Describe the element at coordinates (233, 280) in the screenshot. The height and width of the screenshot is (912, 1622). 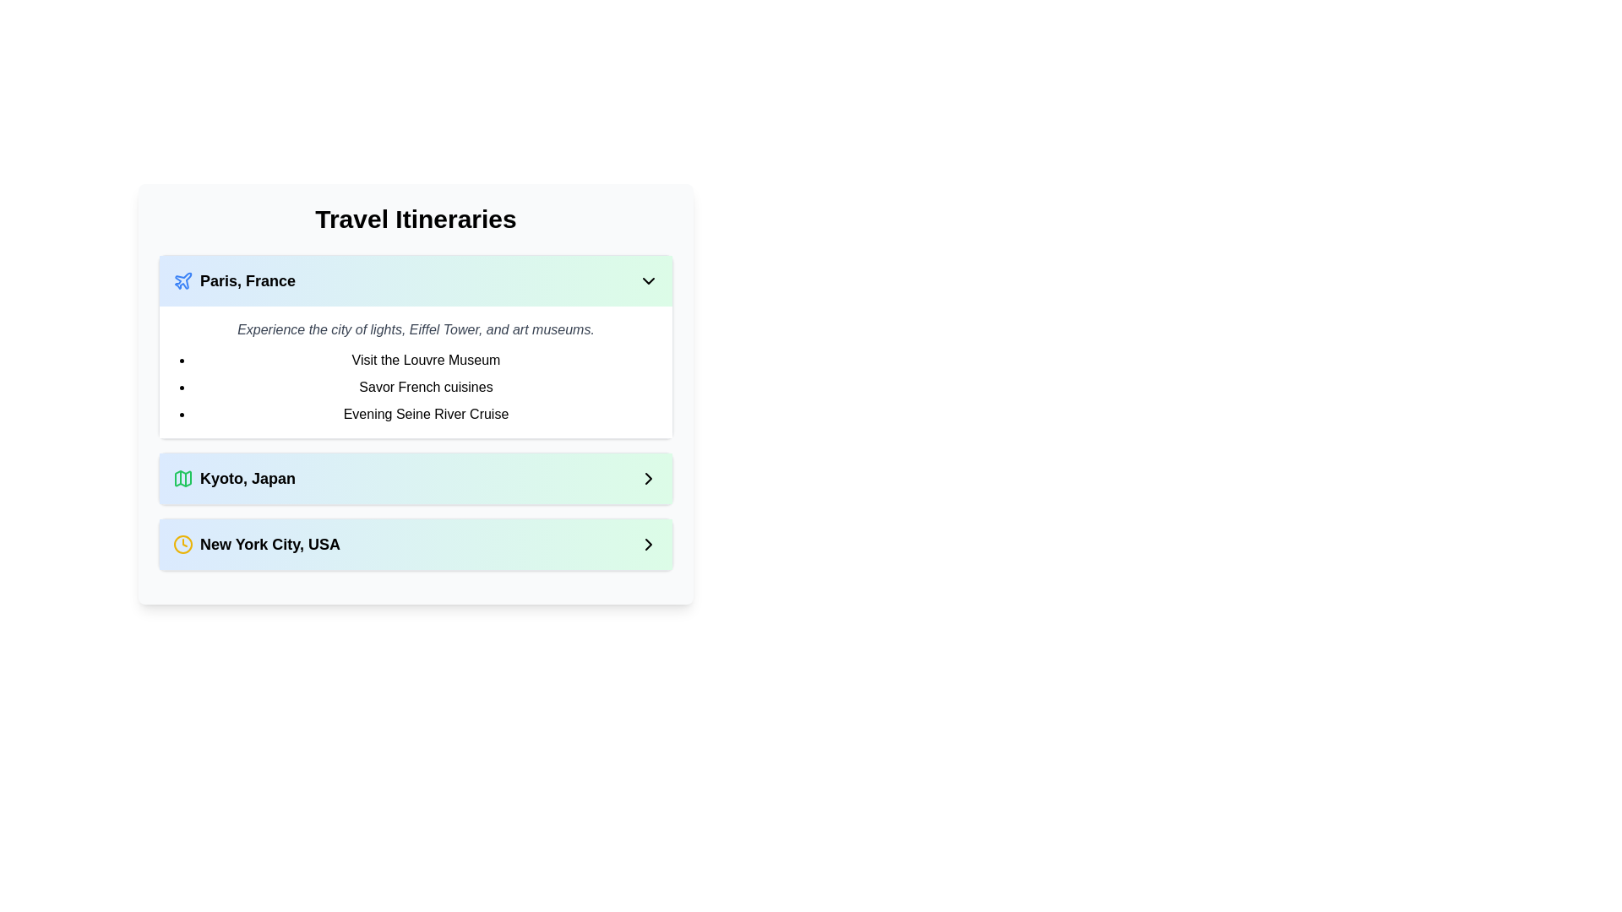
I see `the title or label with icon indicating 'Paris, France' in the top-left section of the itinerary card header` at that location.